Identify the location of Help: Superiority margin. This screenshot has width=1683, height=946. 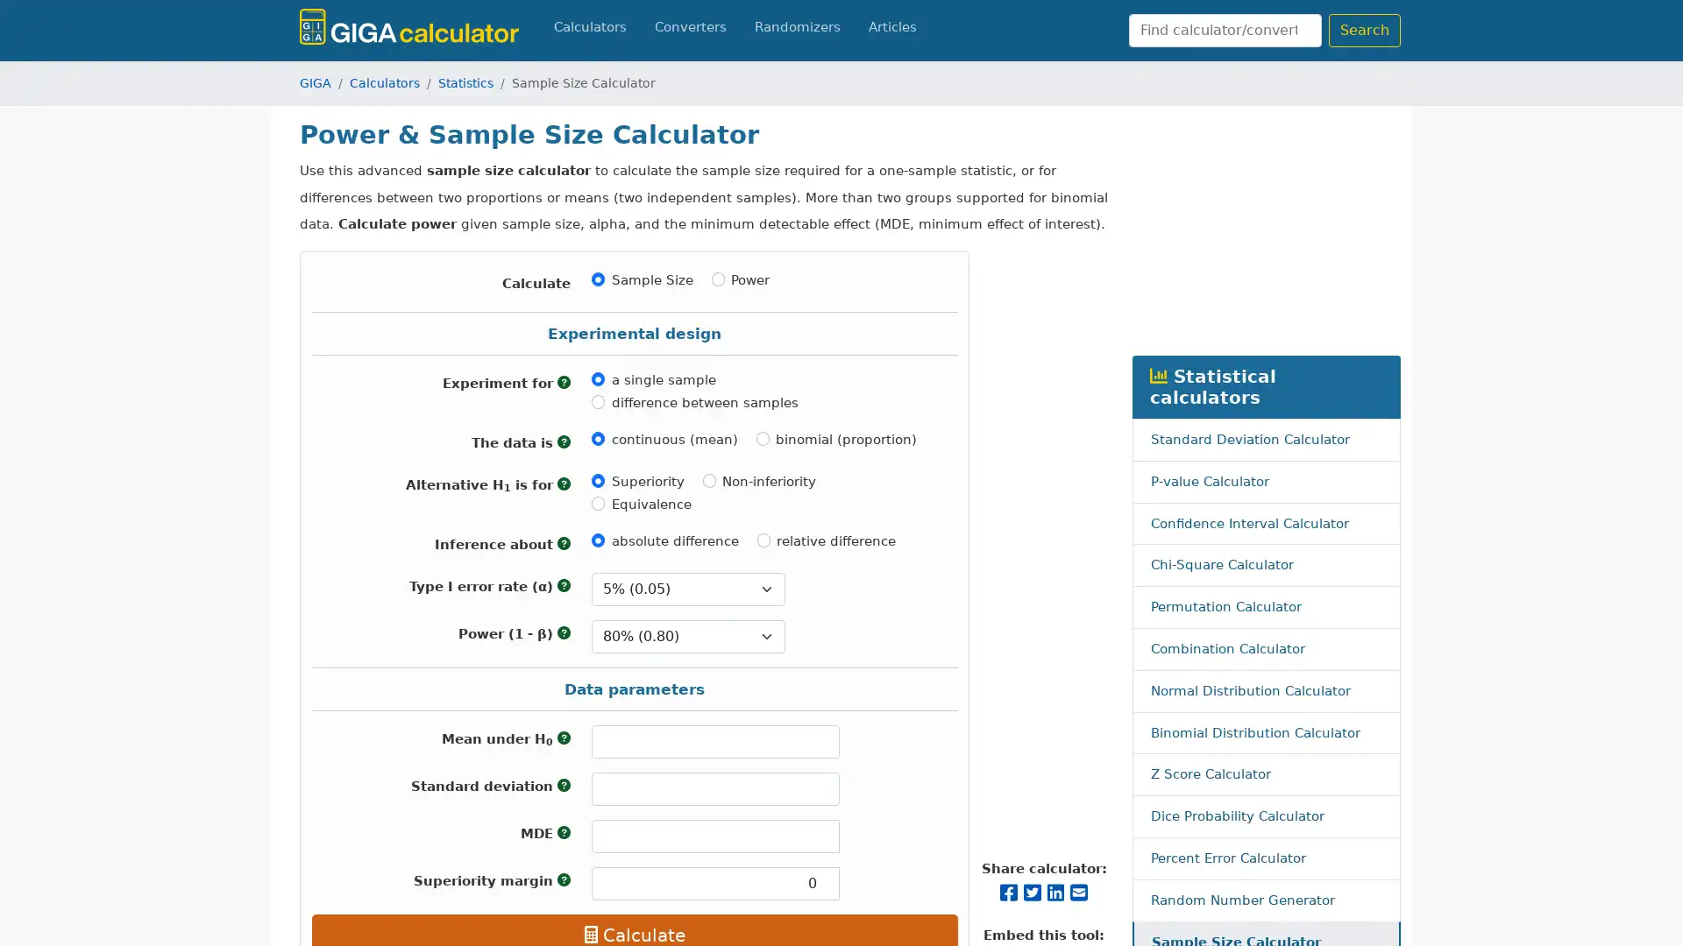
(563, 880).